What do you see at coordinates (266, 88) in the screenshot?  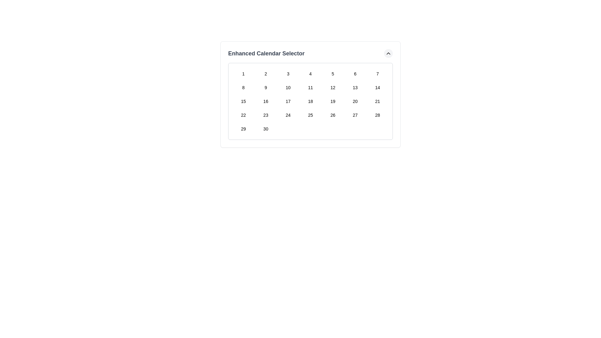 I see `the calendar day cell displaying the number '9' in the Enhanced Calendar Selector` at bounding box center [266, 88].